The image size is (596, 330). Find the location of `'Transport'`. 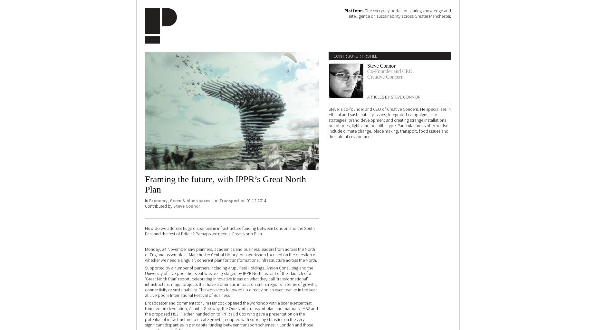

'Transport' is located at coordinates (229, 200).